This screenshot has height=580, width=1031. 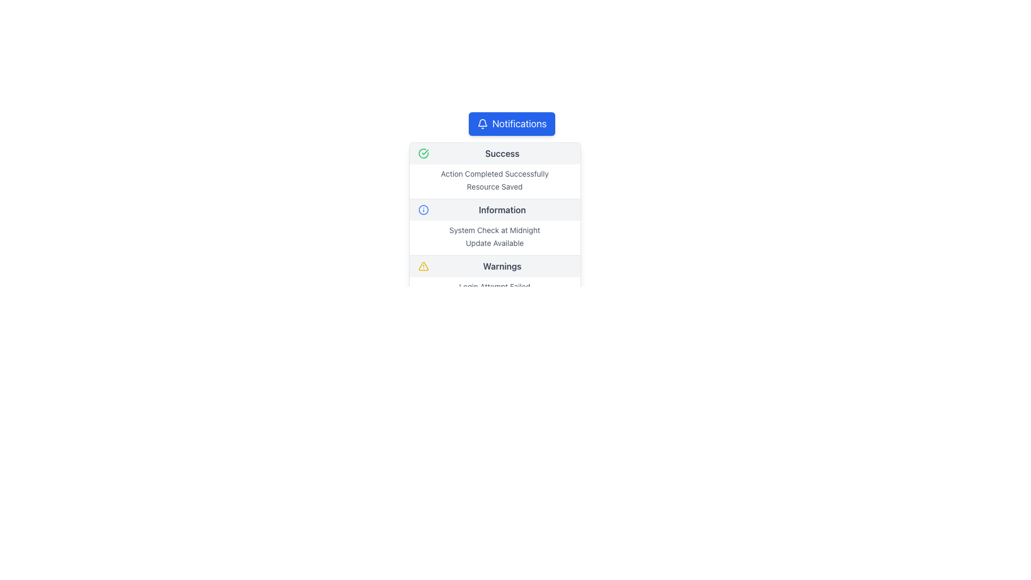 I want to click on the 'Login Attempt Failed' text label in the warnings section of the notification panel, so click(x=494, y=286).